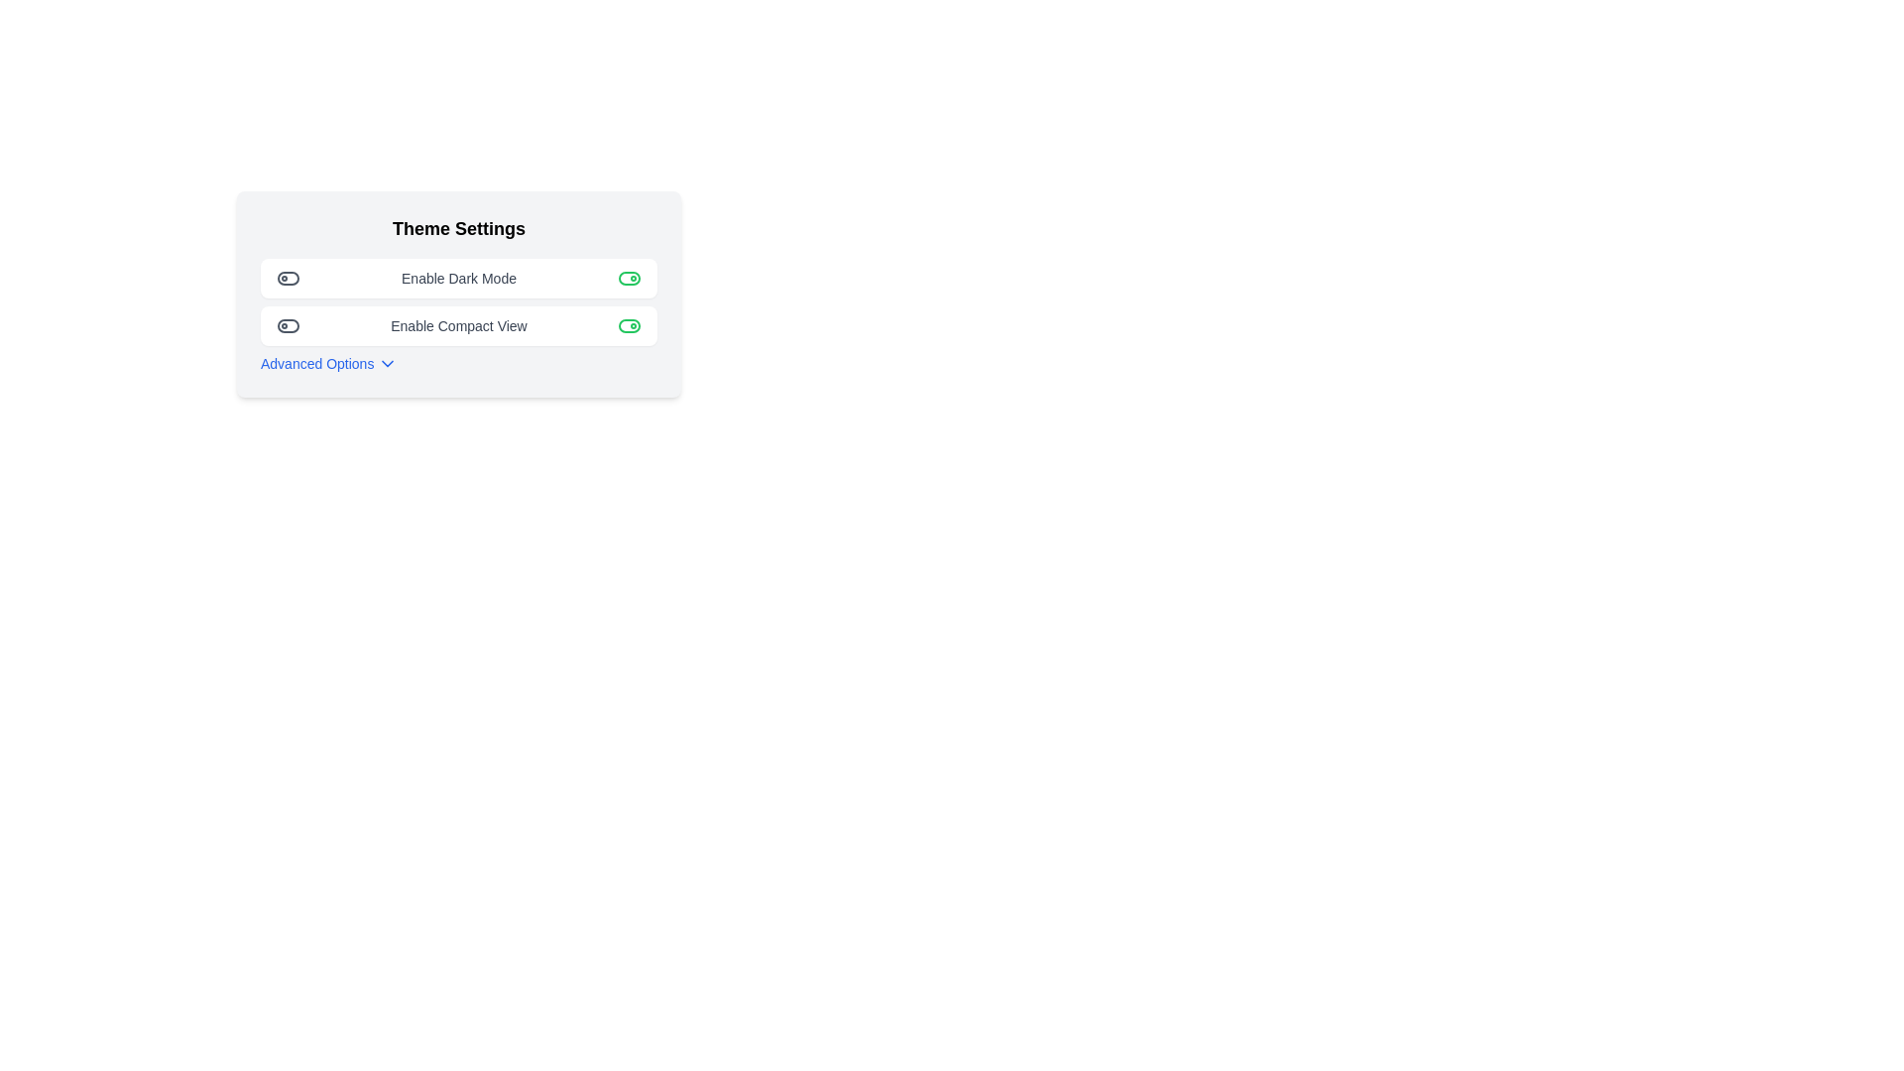 This screenshot has height=1071, width=1904. Describe the element at coordinates (628, 324) in the screenshot. I see `the toggle switch located to the far right of the 'Enable Compact View' option in the settings panel to switch its state` at that location.